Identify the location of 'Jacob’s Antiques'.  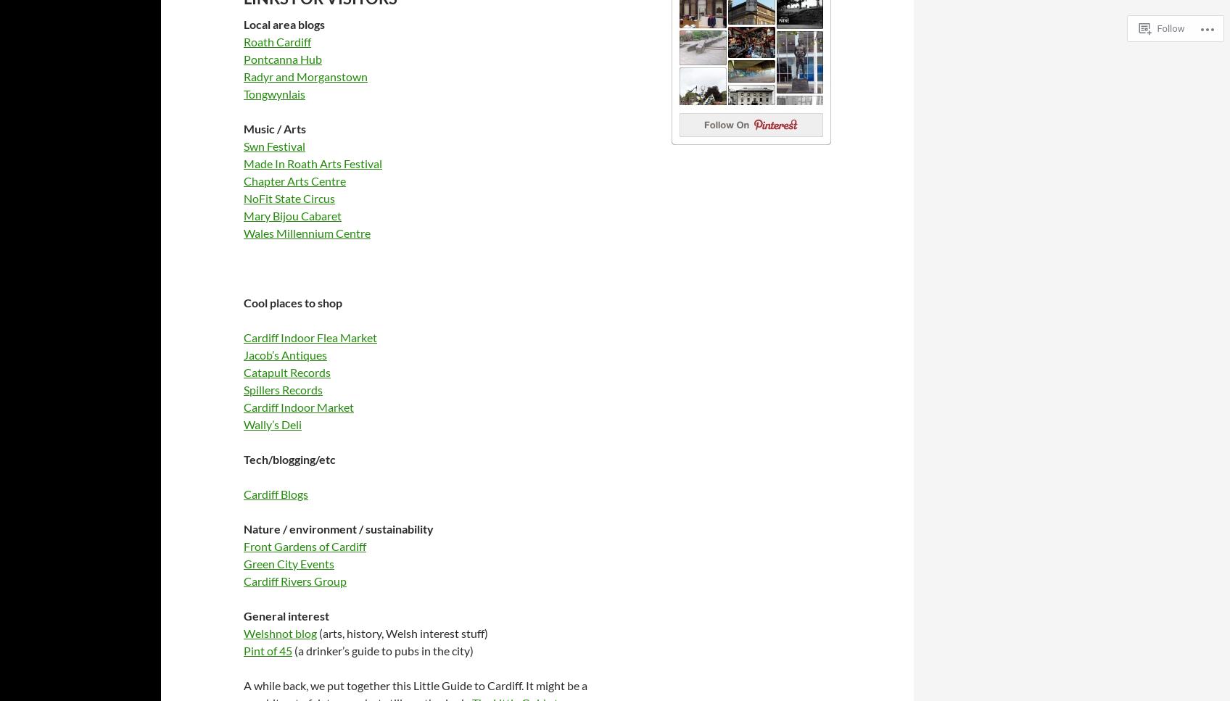
(284, 353).